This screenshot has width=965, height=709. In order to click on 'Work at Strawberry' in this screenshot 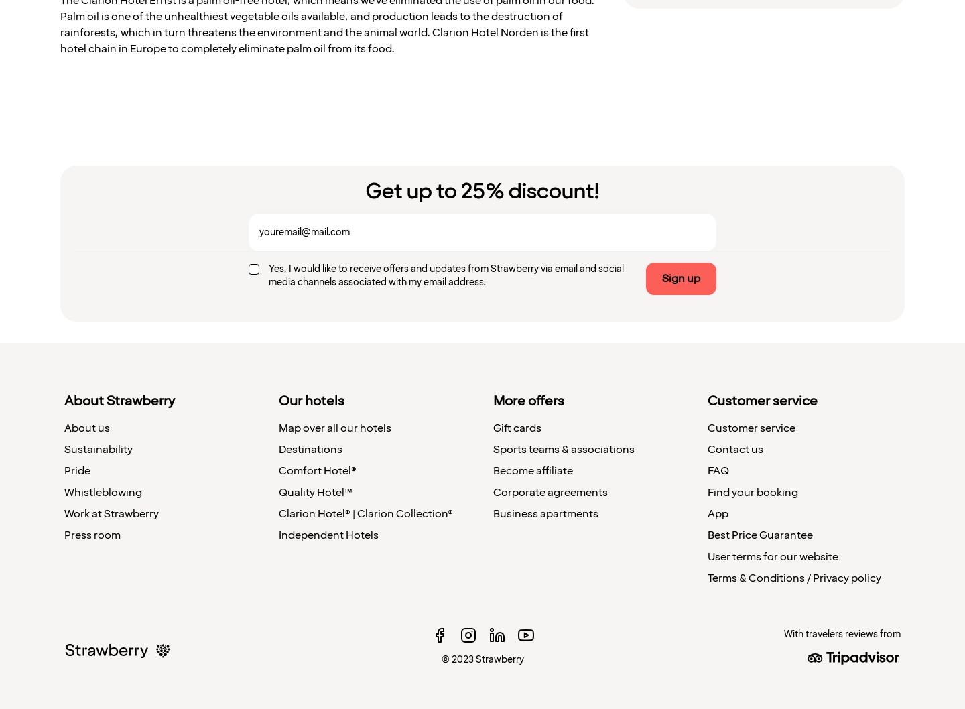, I will do `click(111, 513)`.